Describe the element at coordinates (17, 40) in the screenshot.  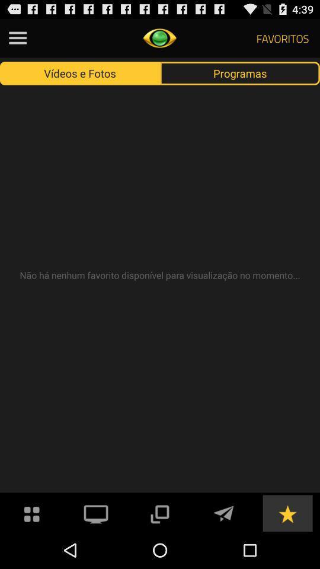
I see `the menu icon` at that location.